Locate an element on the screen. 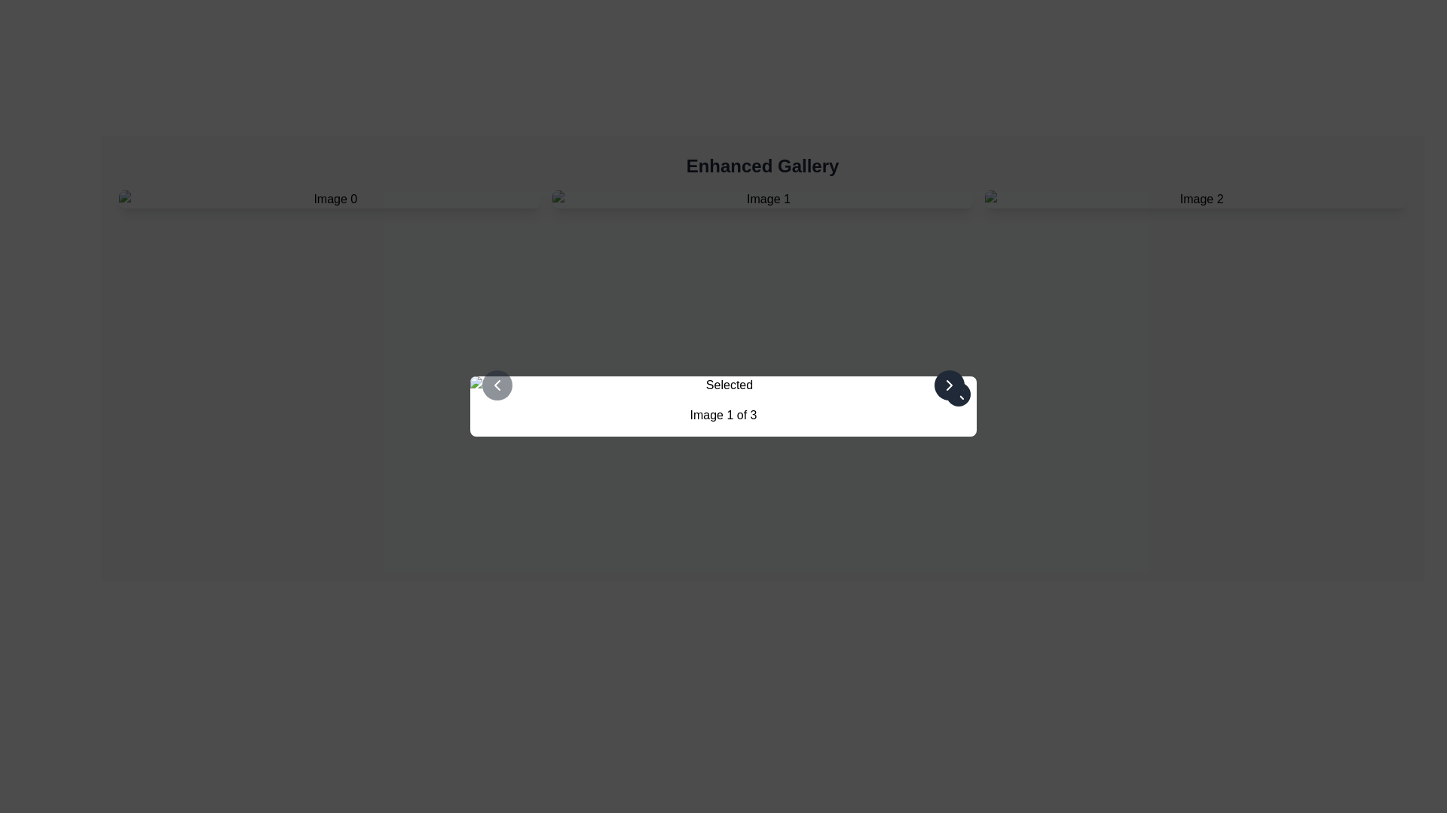 The image size is (1447, 813). the left-pointing chevron icon located within the navigational button of the gallery component is located at coordinates (497, 385).